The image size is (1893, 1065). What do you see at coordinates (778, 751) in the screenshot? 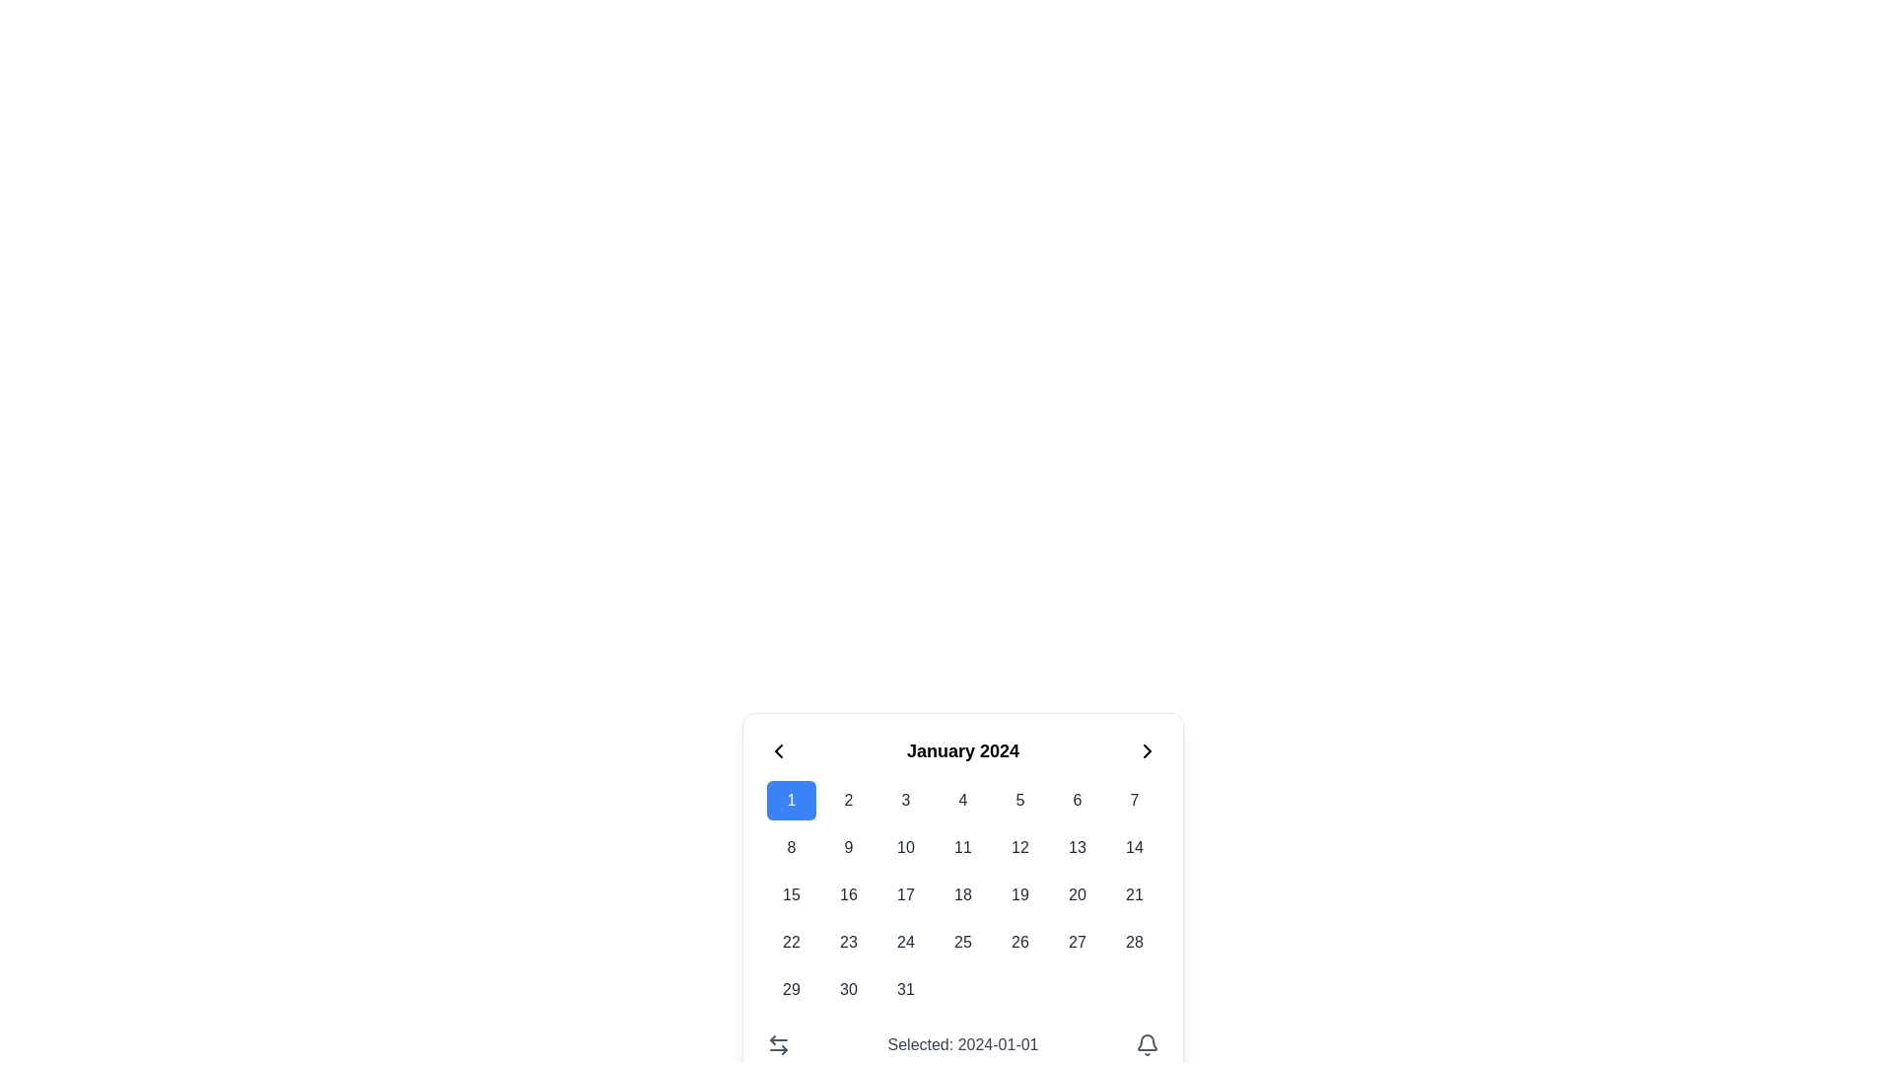
I see `the left-facing chevron arrow icon located near the top-left corner of the calendar widget` at bounding box center [778, 751].